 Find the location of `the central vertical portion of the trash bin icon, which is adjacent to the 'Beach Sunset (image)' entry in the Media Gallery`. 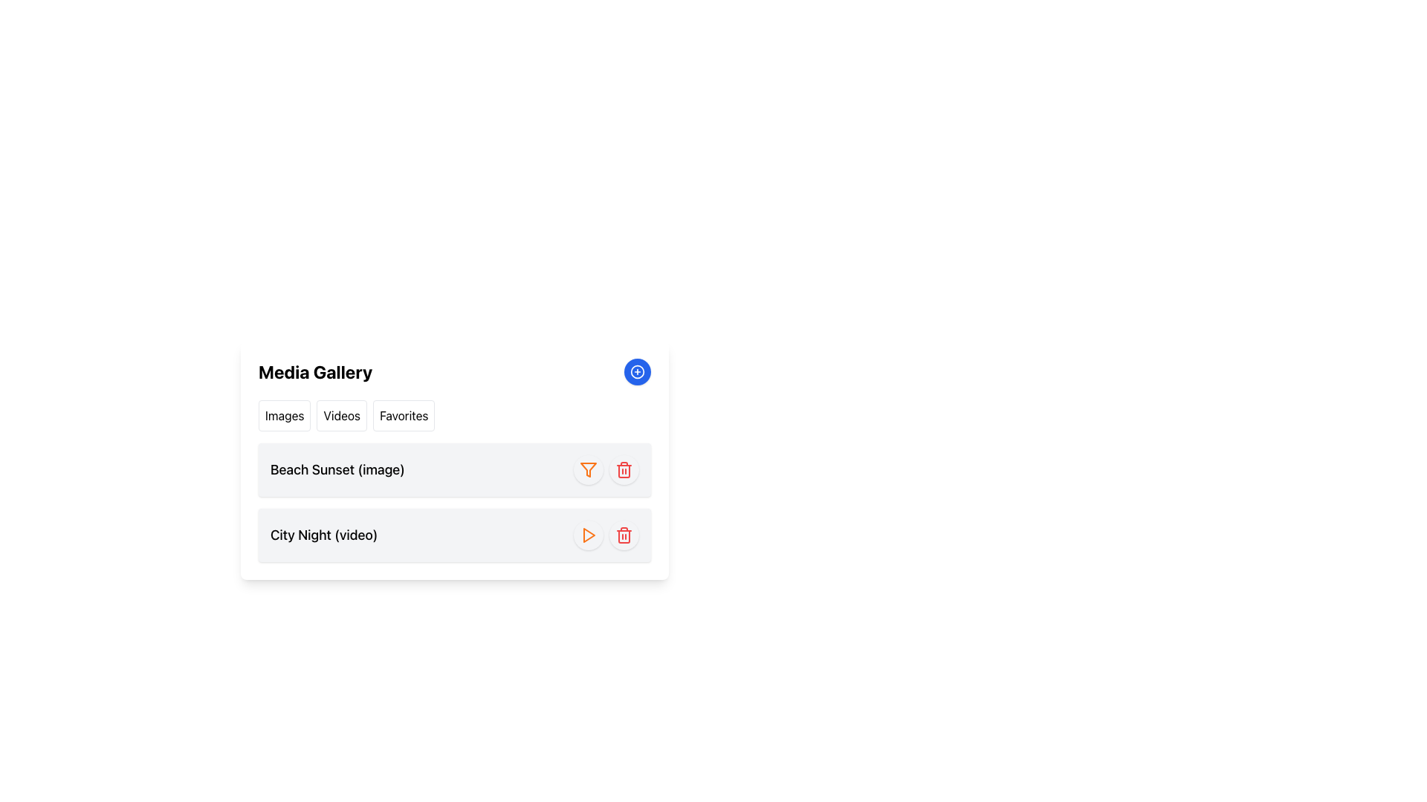

the central vertical portion of the trash bin icon, which is adjacent to the 'Beach Sunset (image)' entry in the Media Gallery is located at coordinates (624, 472).